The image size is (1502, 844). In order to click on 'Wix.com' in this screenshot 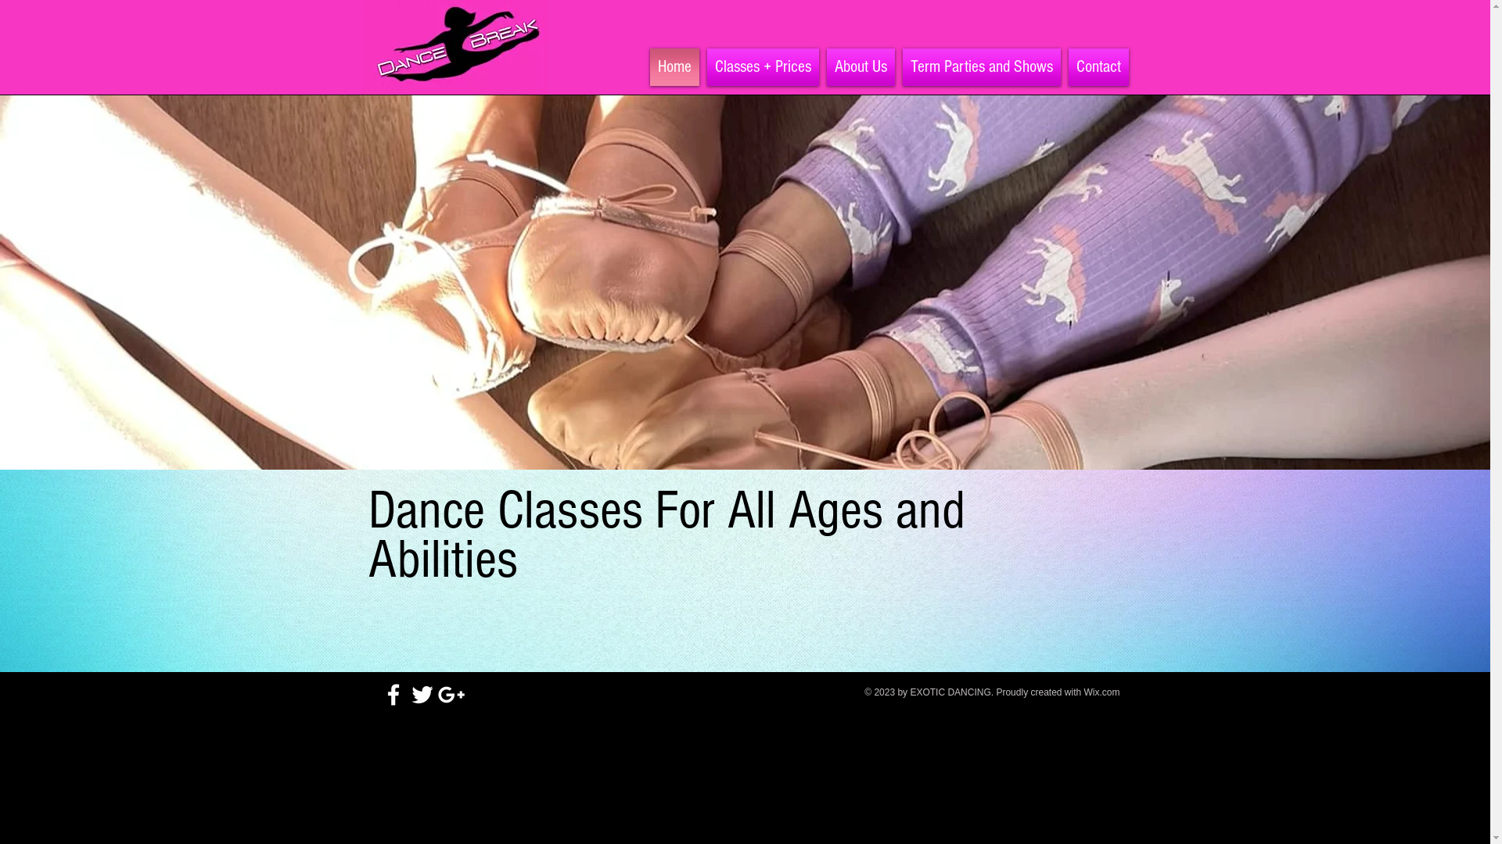, I will do `click(1101, 692)`.